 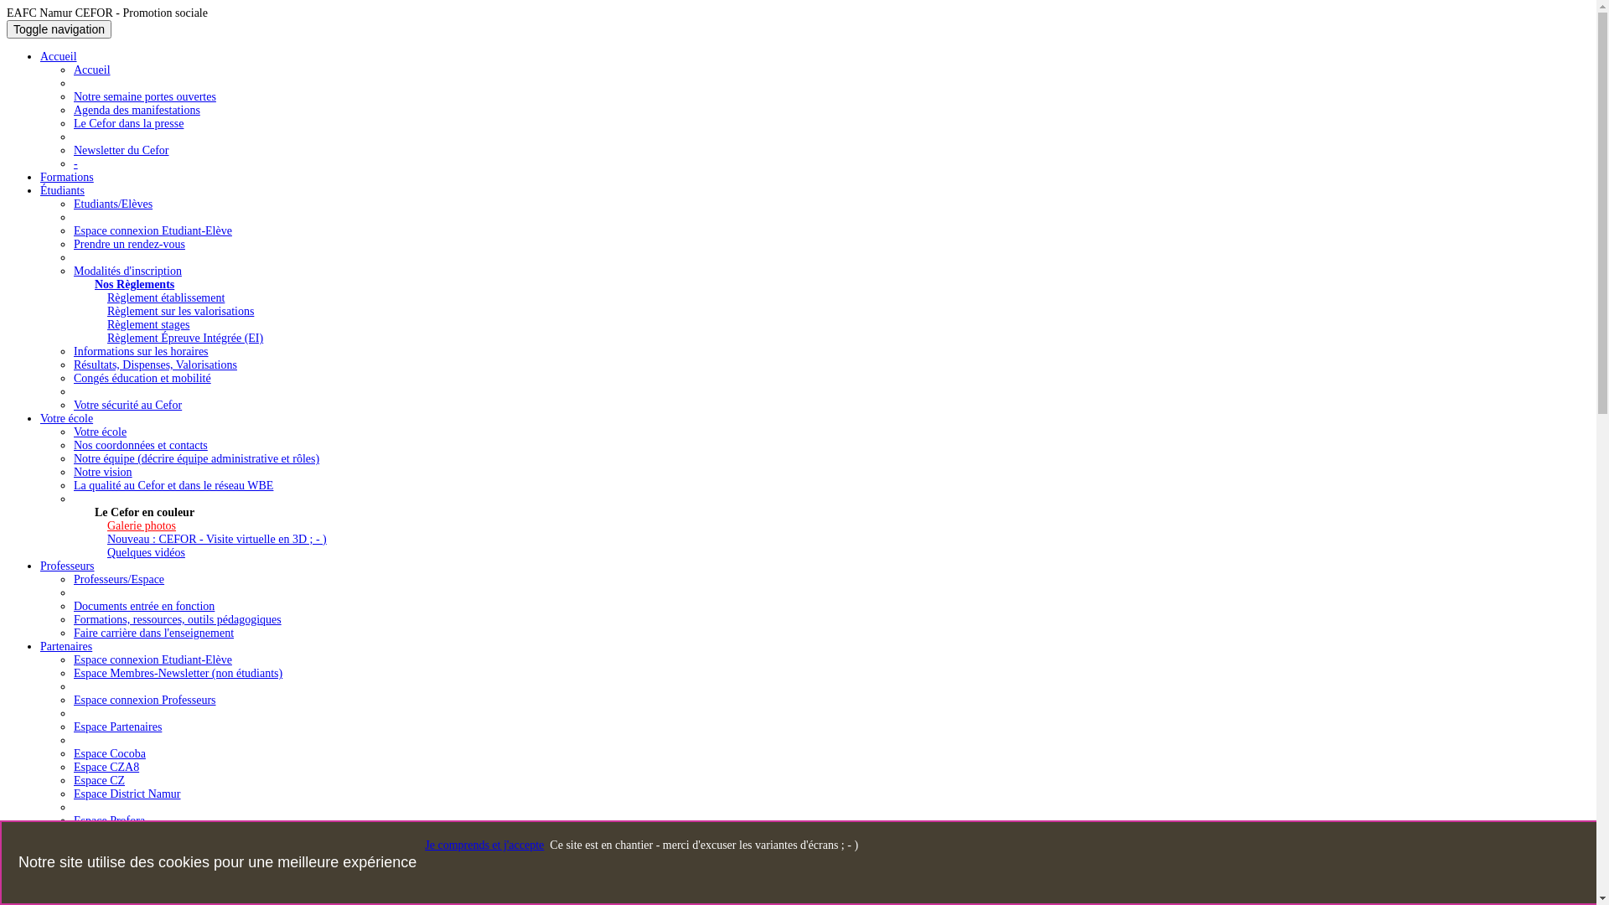 What do you see at coordinates (72, 726) in the screenshot?
I see `'Espace Partenaires'` at bounding box center [72, 726].